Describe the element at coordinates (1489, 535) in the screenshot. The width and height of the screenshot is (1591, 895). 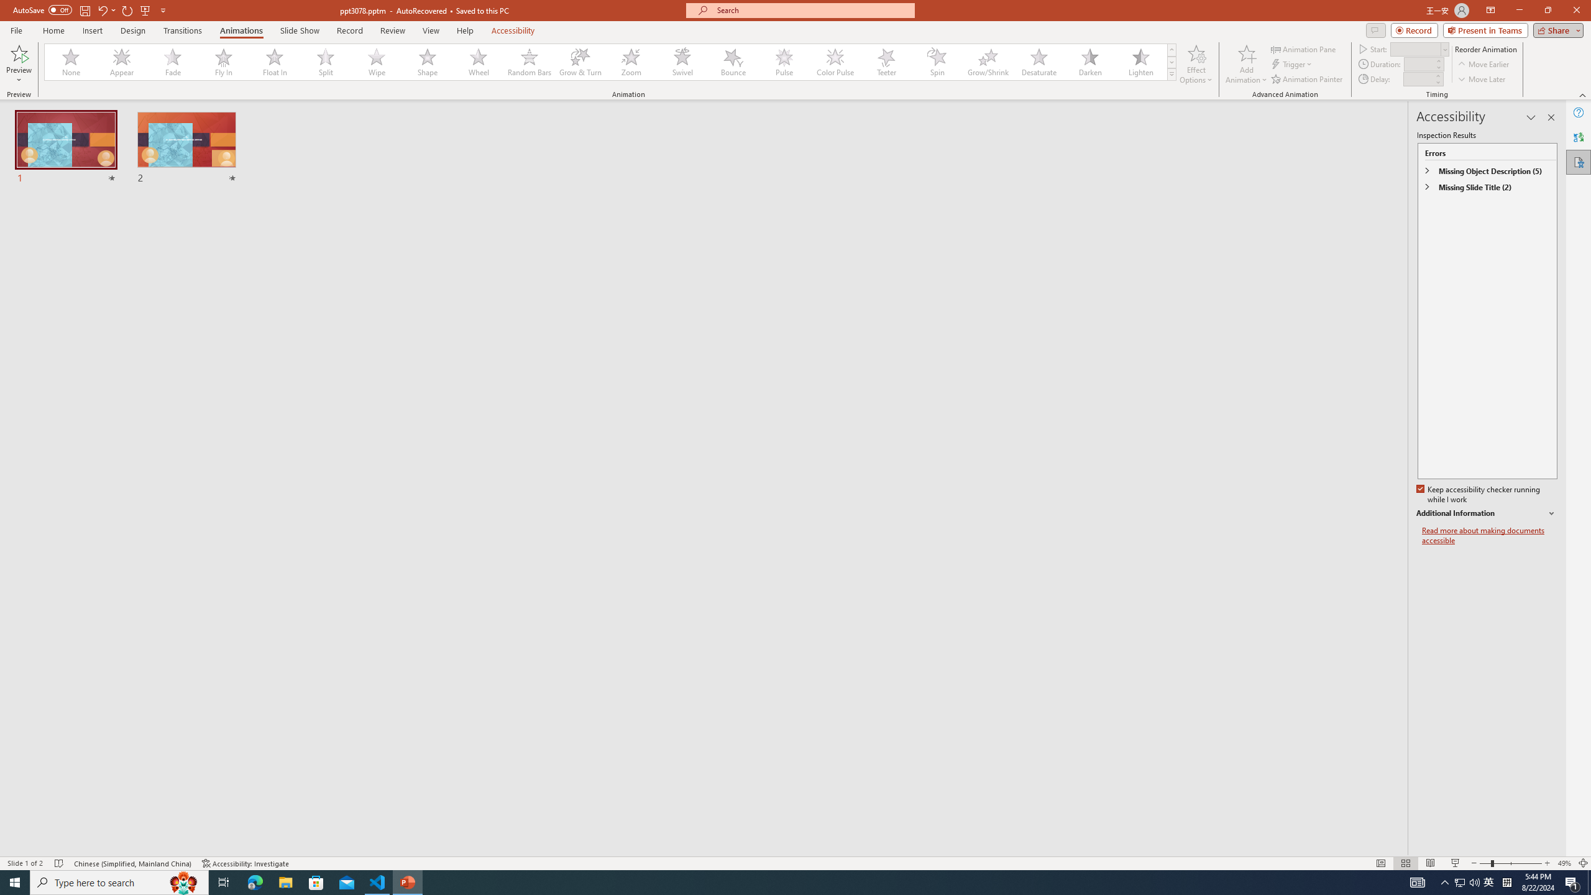
I see `'Read more about making documents accessible'` at that location.